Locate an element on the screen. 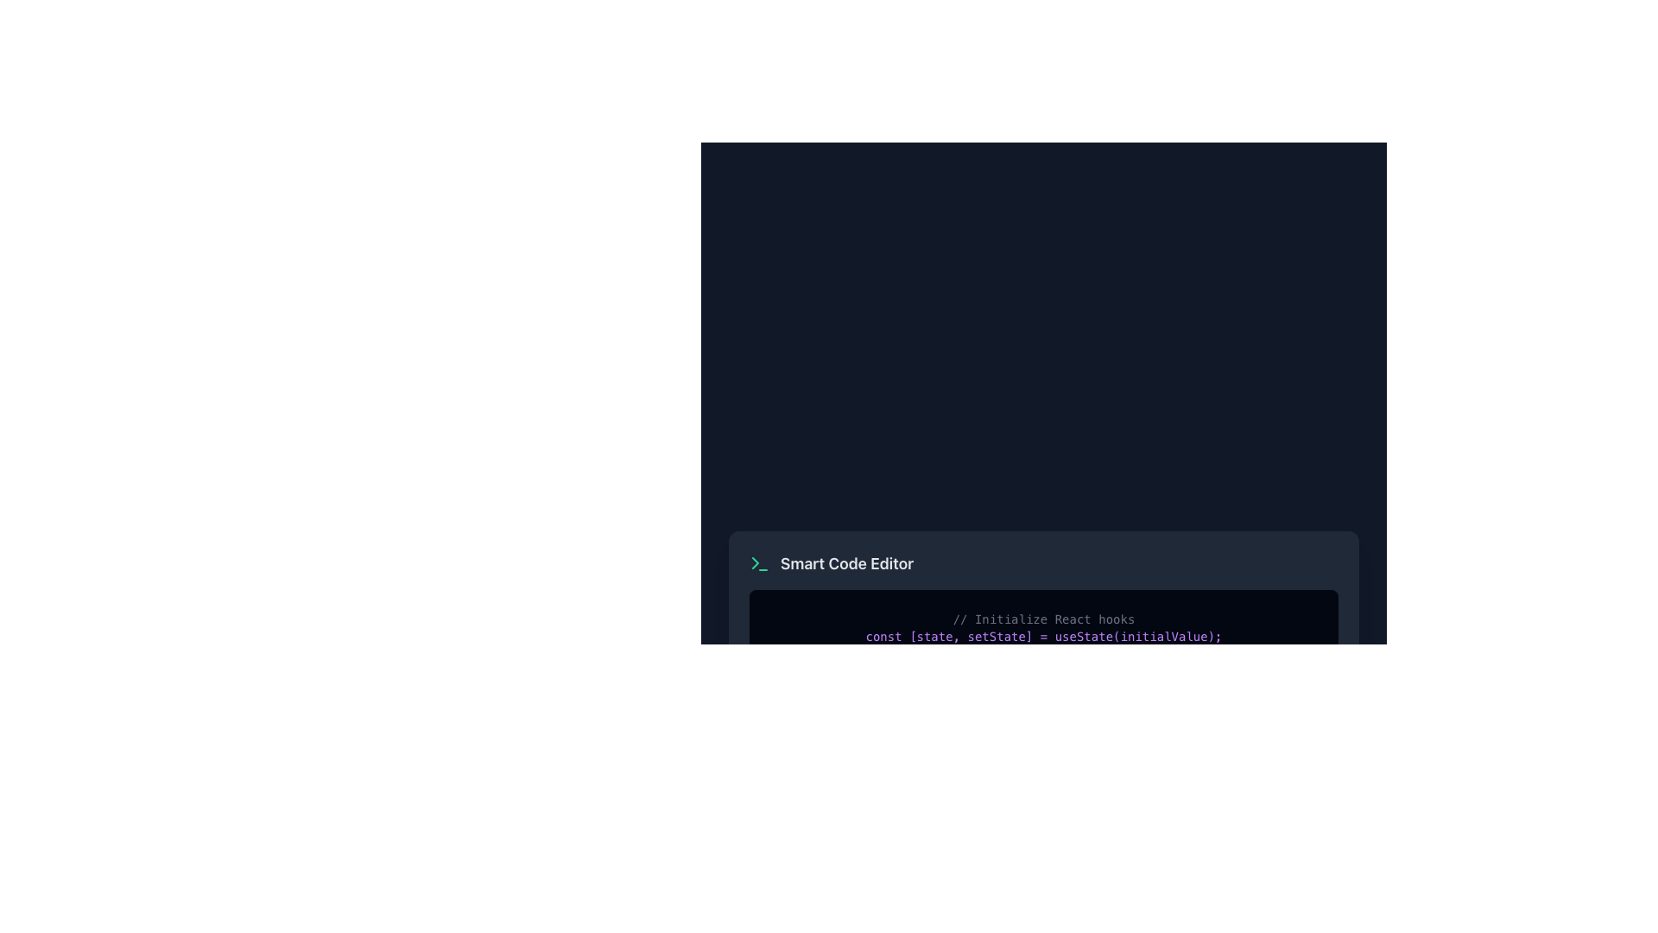  the Code Display Block titled 'Smart Code Editor', which features a dark background and a code snippet with syntax highlighting is located at coordinates (1043, 608).